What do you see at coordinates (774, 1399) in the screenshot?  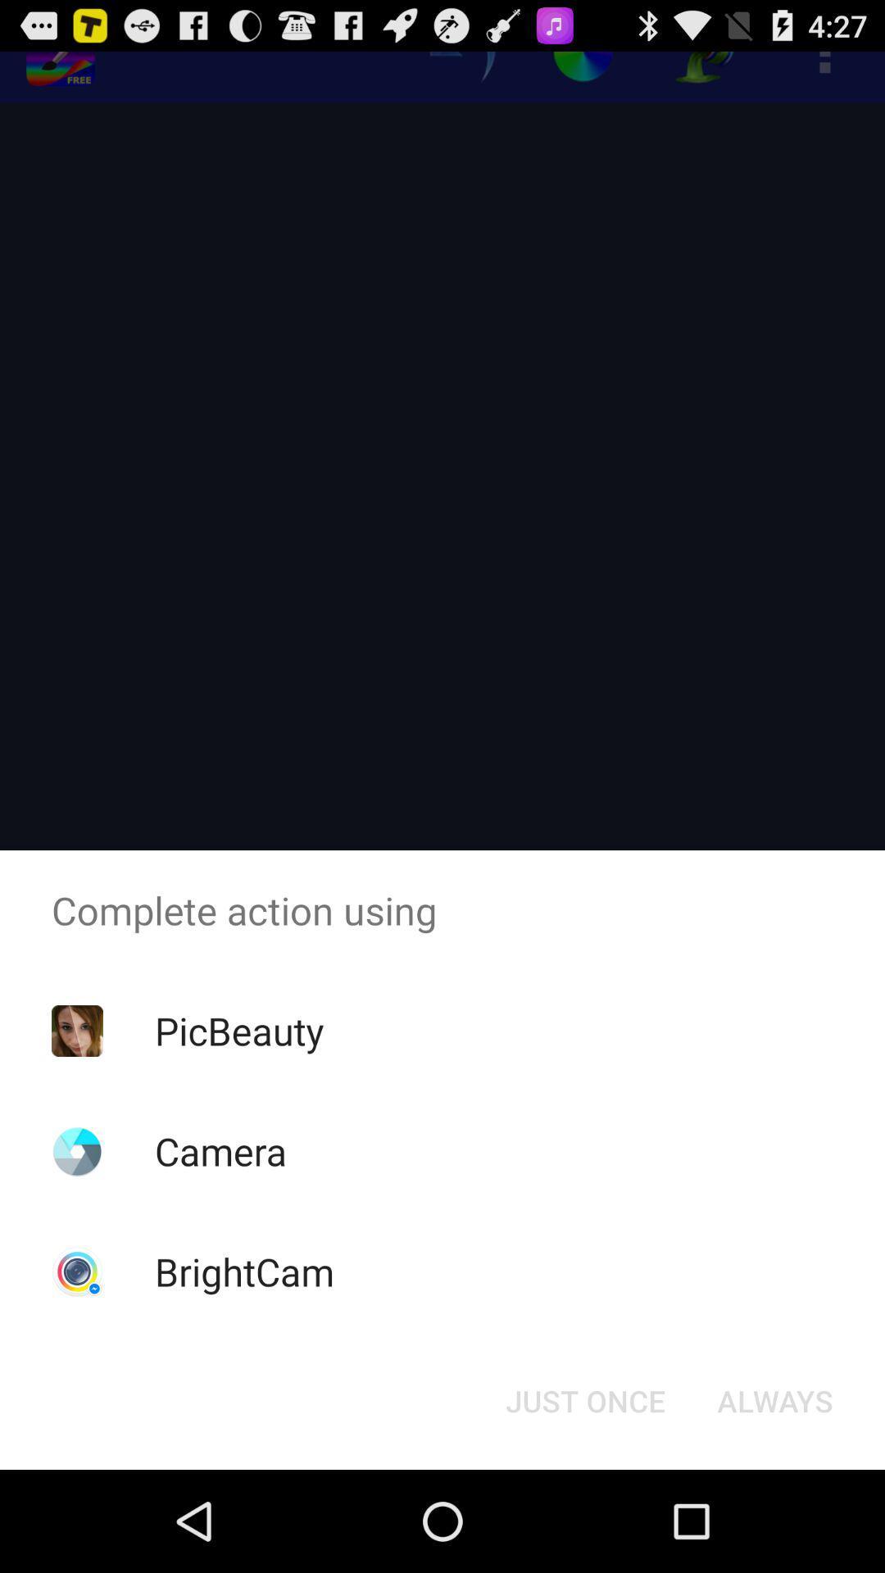 I see `item at the bottom right corner` at bounding box center [774, 1399].